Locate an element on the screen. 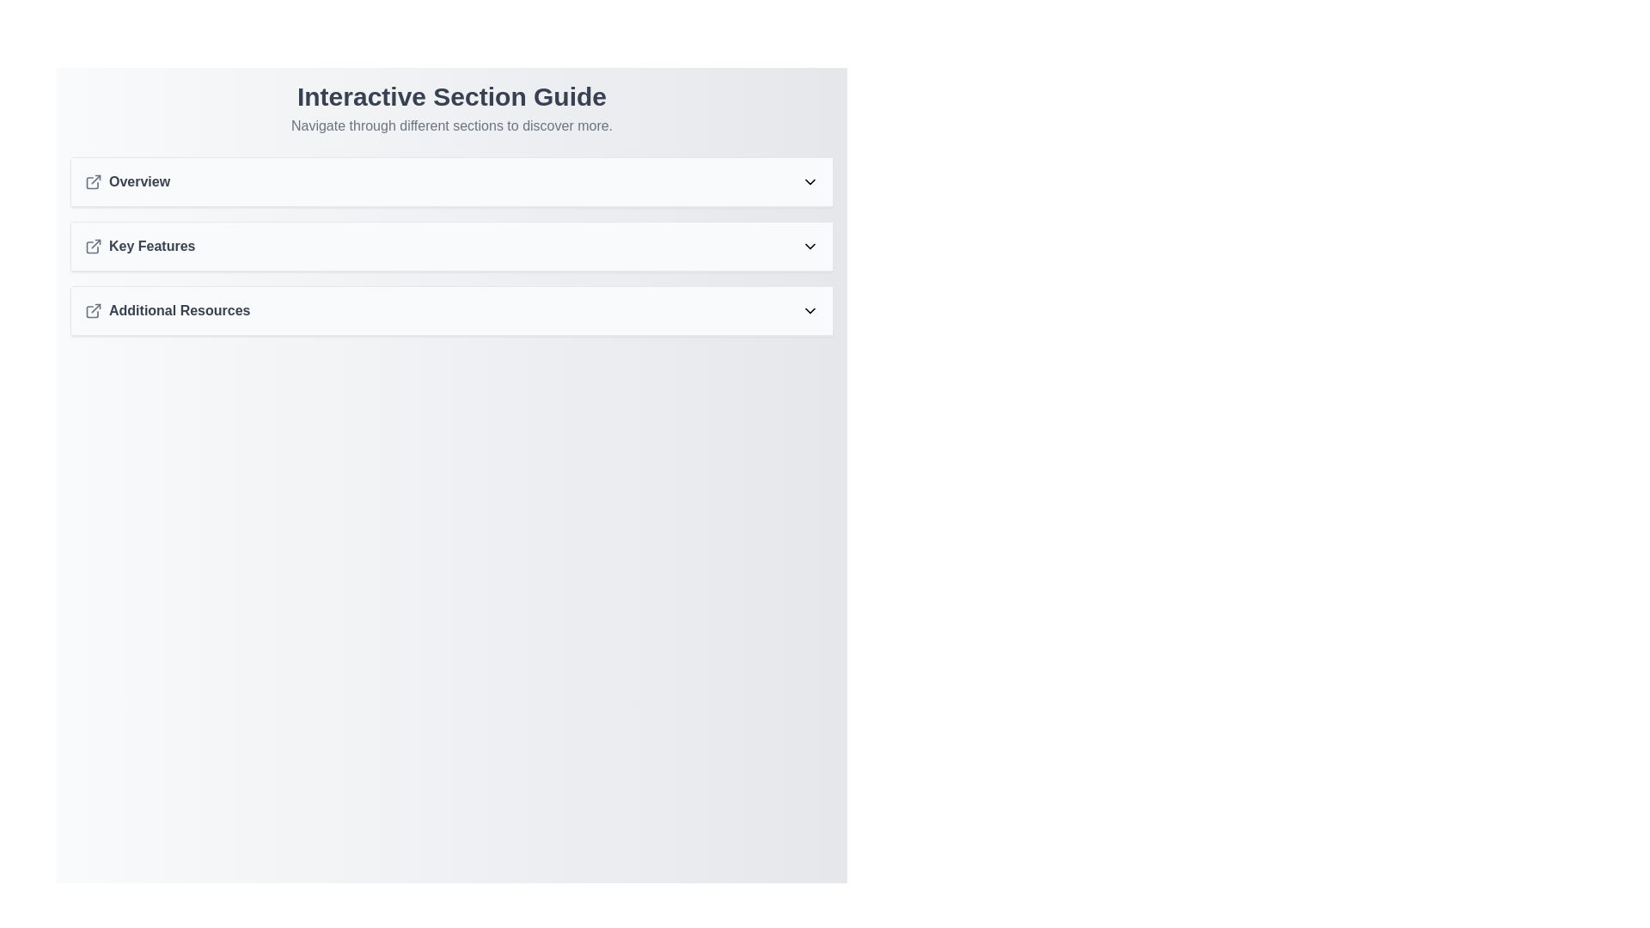 This screenshot has width=1650, height=928. the dropdown toggle indicator icon, which is a chevron-shaped icon pointing downwards, located in the 'Key Features' section is located at coordinates (809, 246).